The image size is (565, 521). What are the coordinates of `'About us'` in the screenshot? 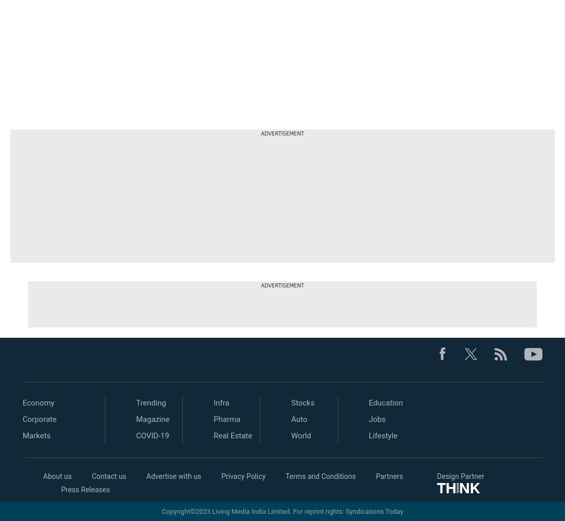 It's located at (57, 475).